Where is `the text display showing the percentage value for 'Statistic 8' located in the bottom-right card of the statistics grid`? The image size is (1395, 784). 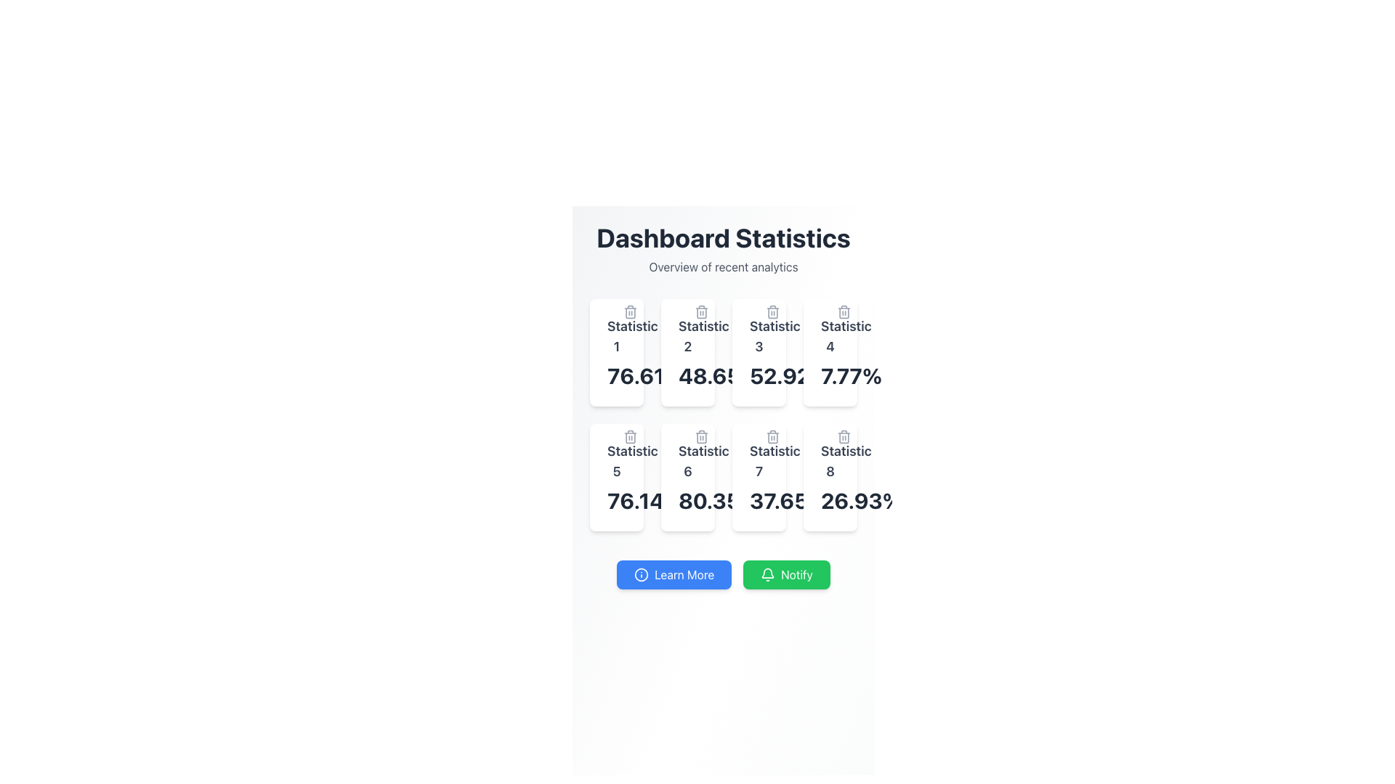 the text display showing the percentage value for 'Statistic 8' located in the bottom-right card of the statistics grid is located at coordinates (830, 500).